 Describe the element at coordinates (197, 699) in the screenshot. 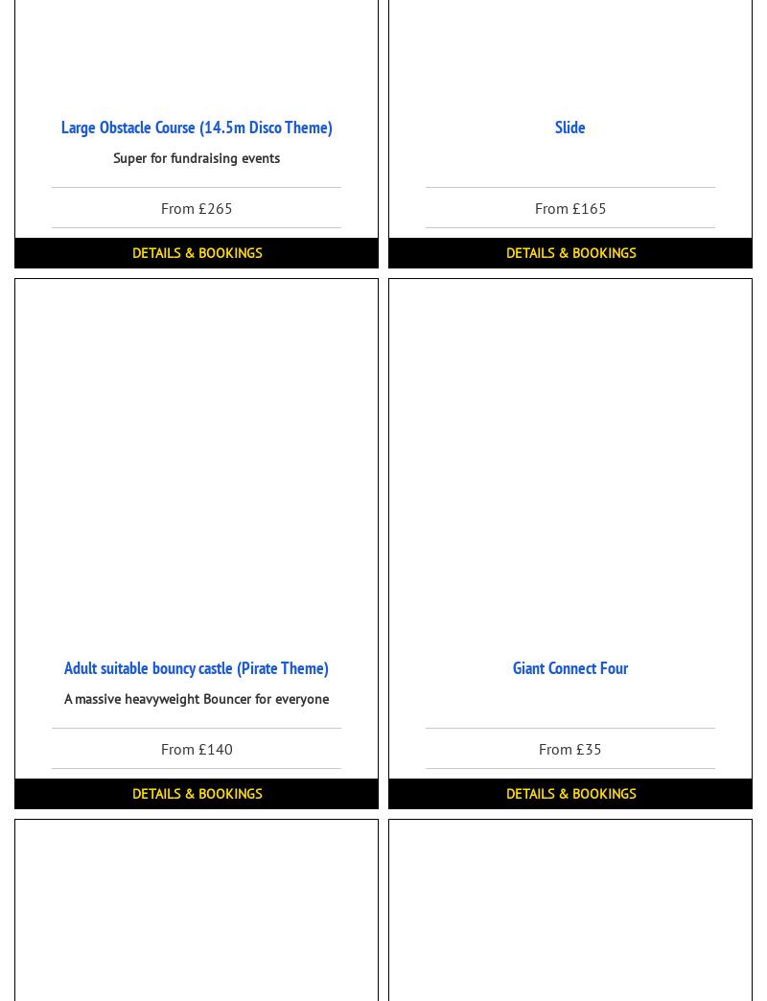

I see `'A massive heavyweight Bouncer for everyone'` at that location.